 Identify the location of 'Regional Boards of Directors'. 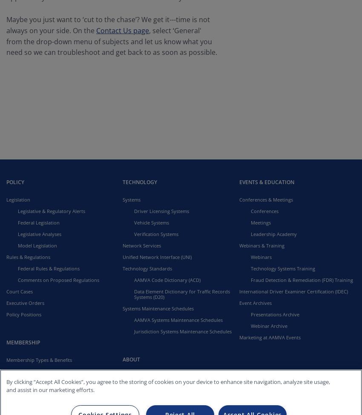
(166, 399).